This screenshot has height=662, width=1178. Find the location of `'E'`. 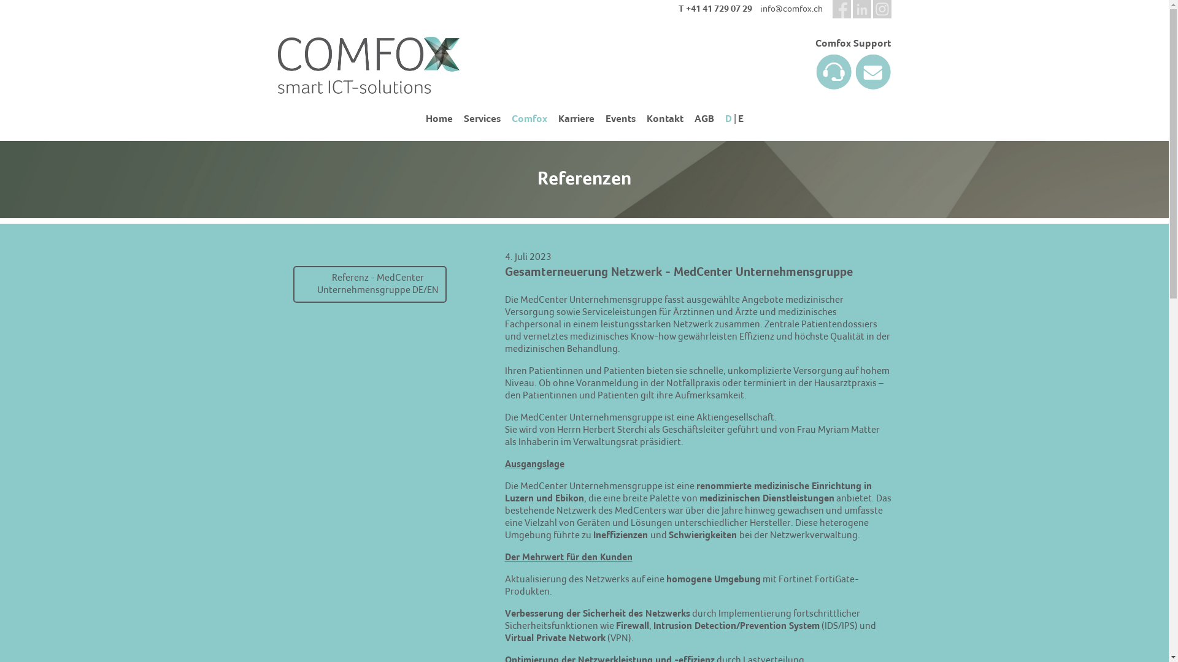

'E' is located at coordinates (739, 119).